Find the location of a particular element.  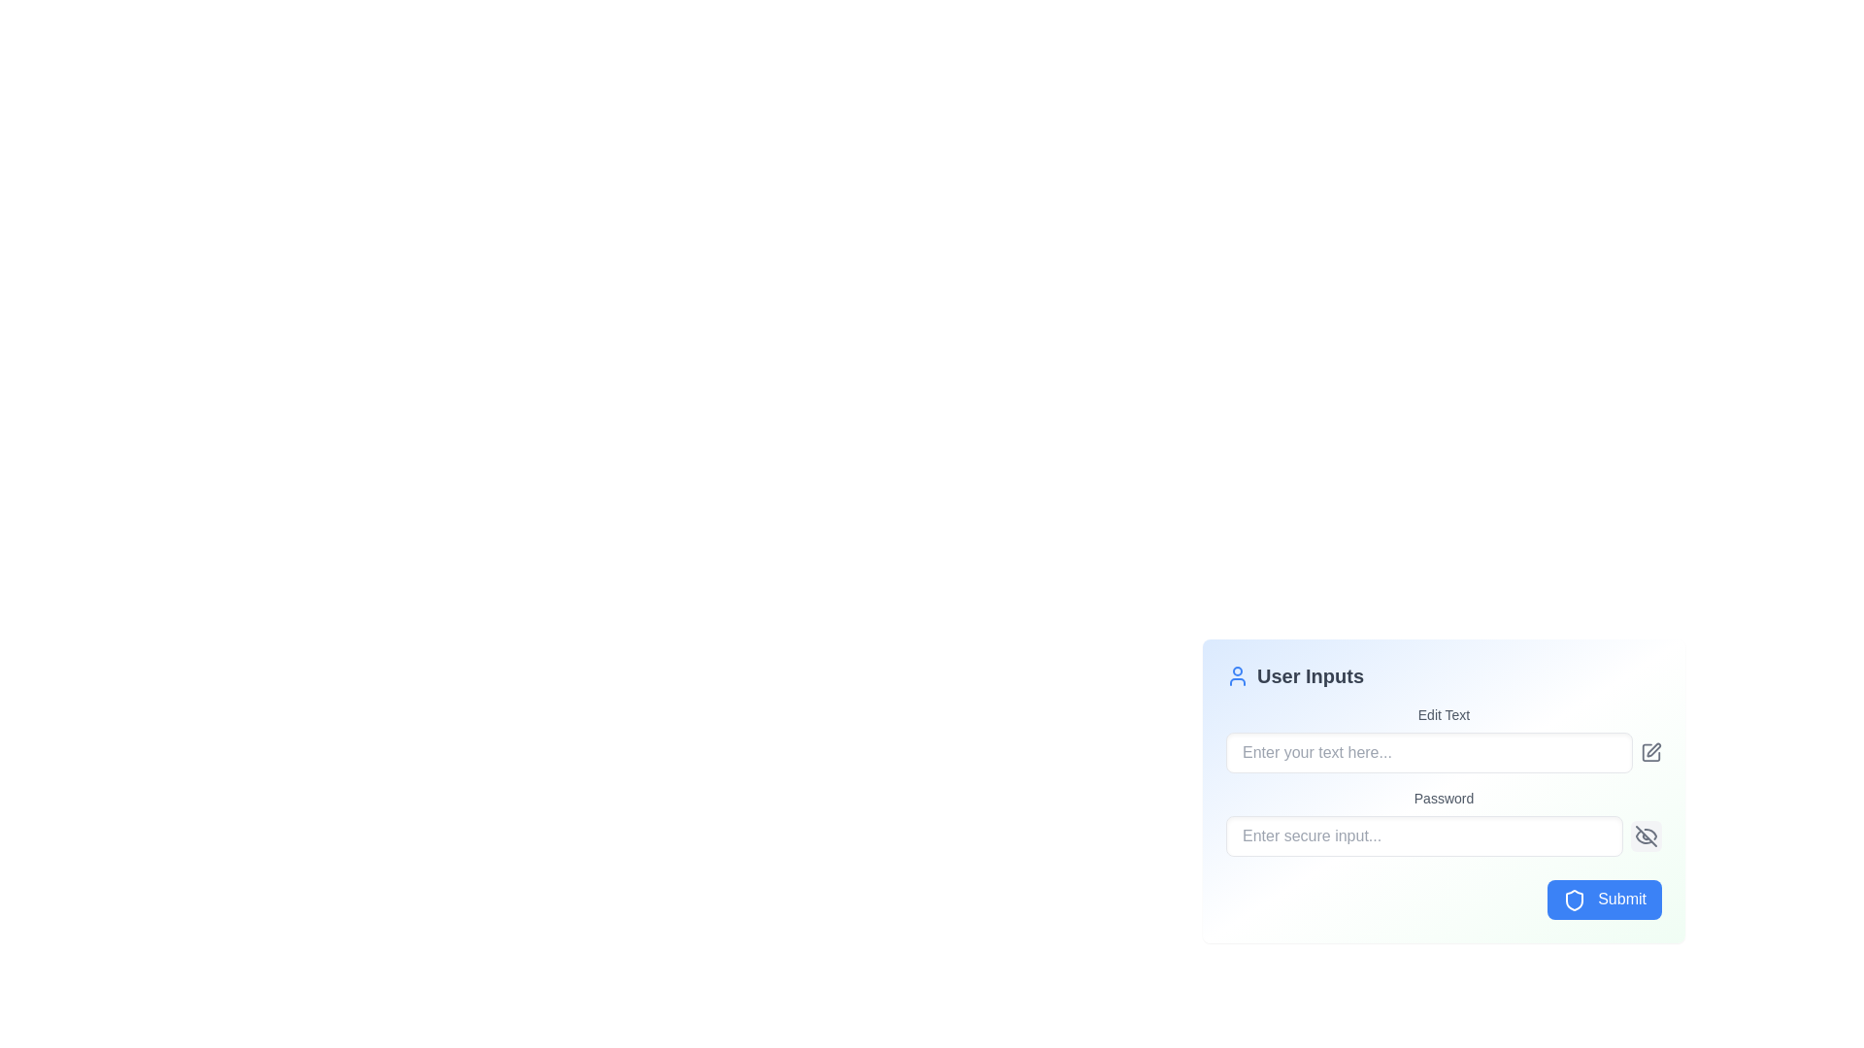

the 'Edit Text' label which is displayed in light gray, medium-bold font, located above the 'Enter your text here...' input field within the 'User Inputs' form is located at coordinates (1444, 714).